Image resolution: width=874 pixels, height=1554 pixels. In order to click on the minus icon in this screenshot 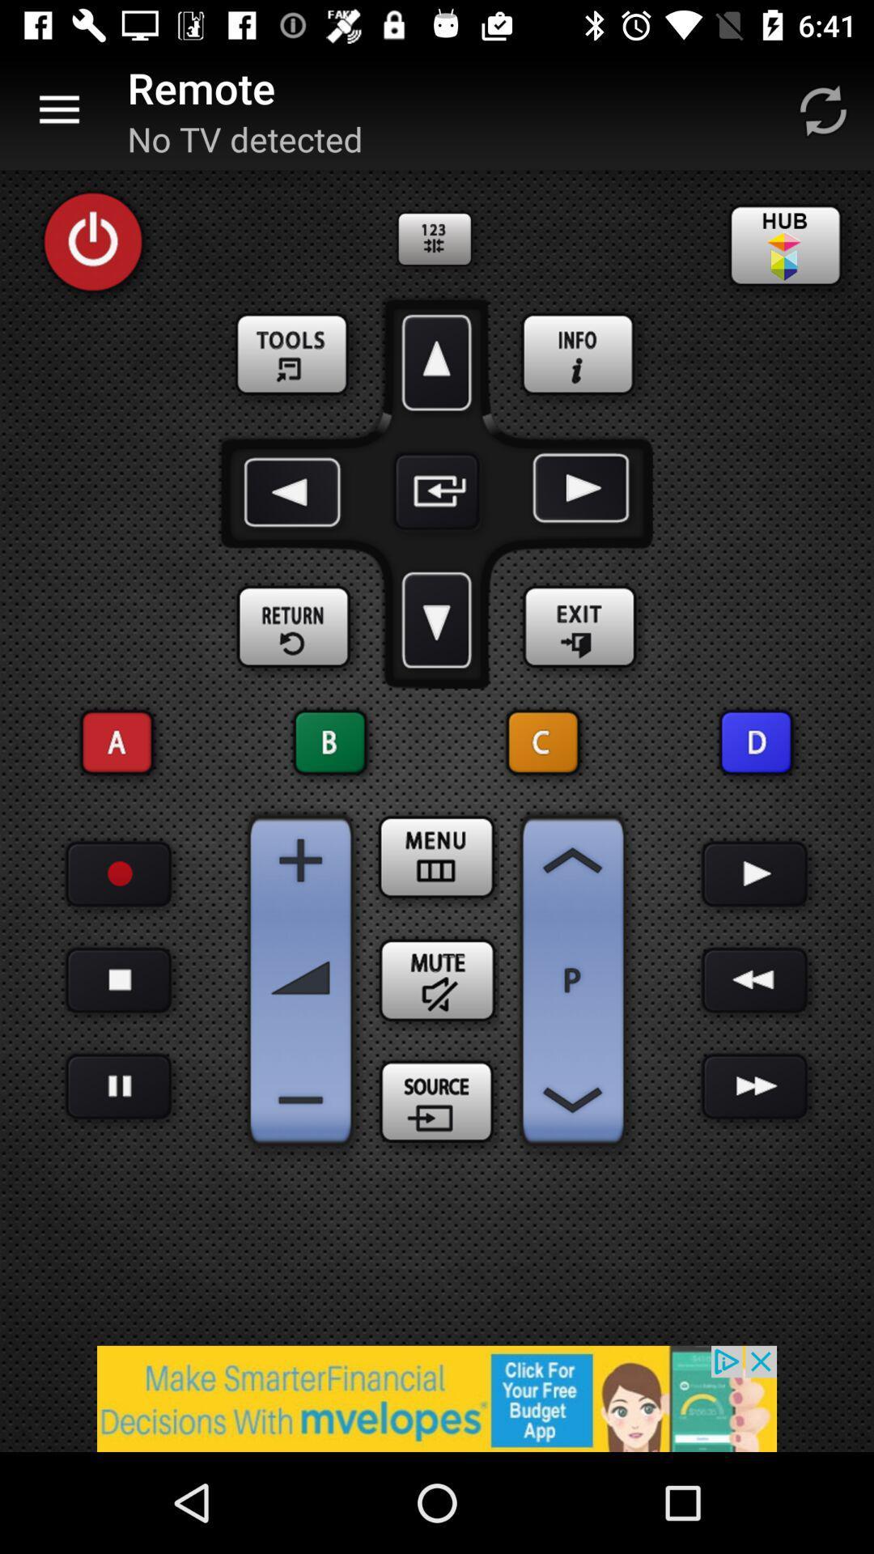, I will do `click(300, 1100)`.